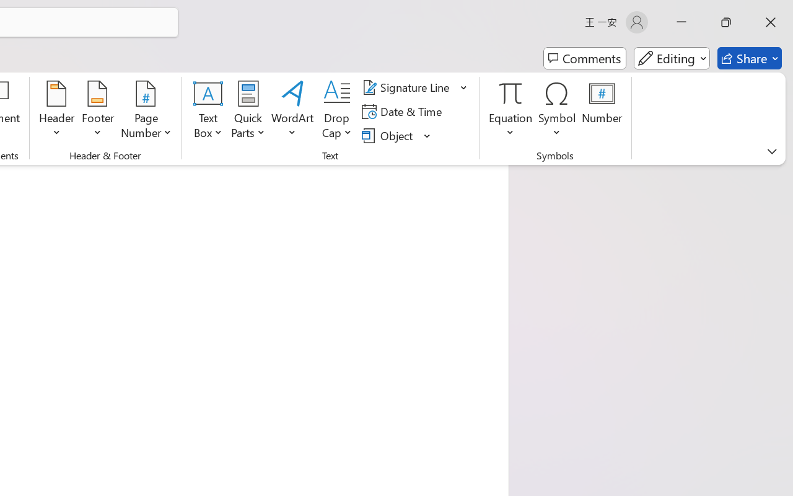 The width and height of the screenshot is (793, 496). Describe the element at coordinates (681, 22) in the screenshot. I see `'Minimize'` at that location.